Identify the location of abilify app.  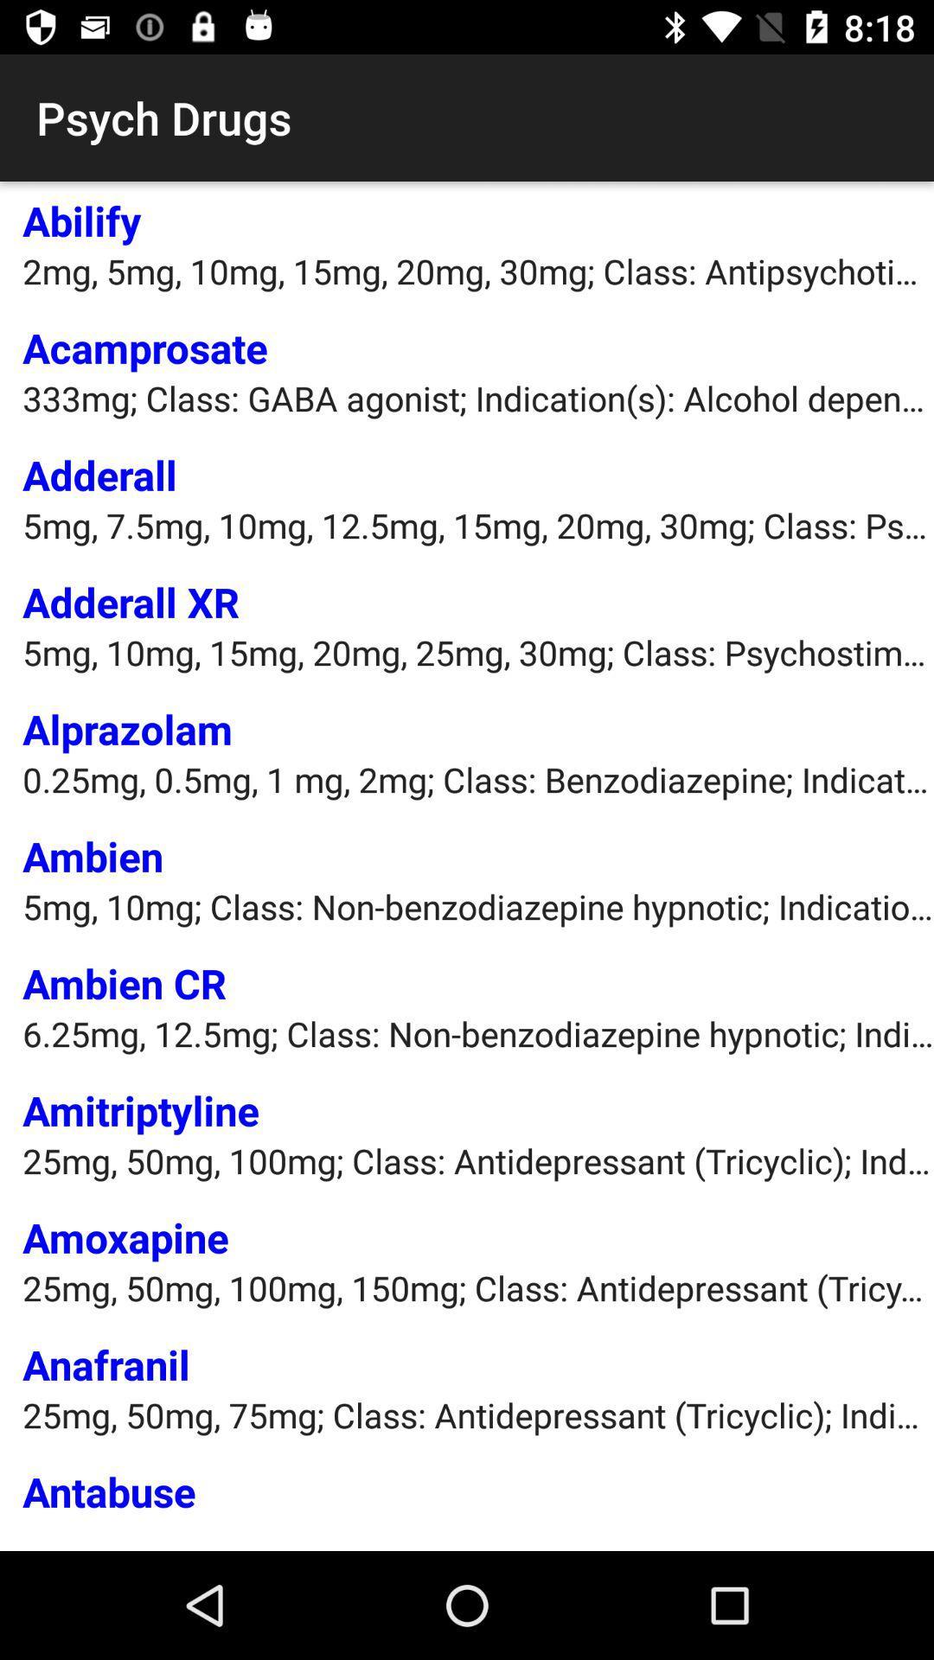
(81, 220).